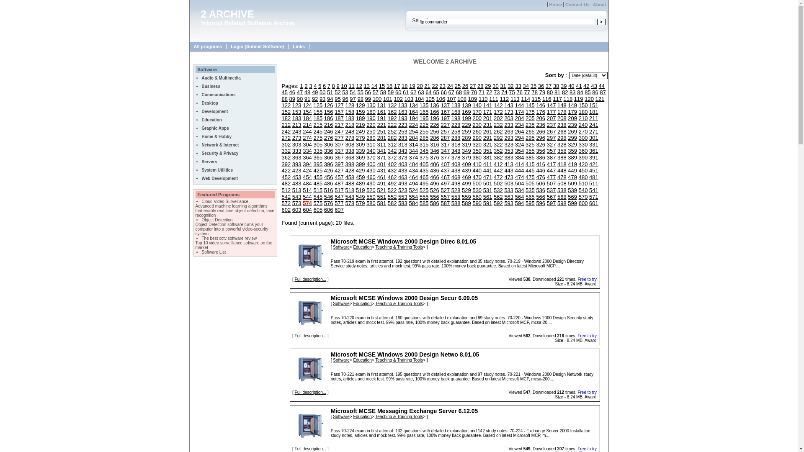  Describe the element at coordinates (409, 86) in the screenshot. I see `'19'` at that location.